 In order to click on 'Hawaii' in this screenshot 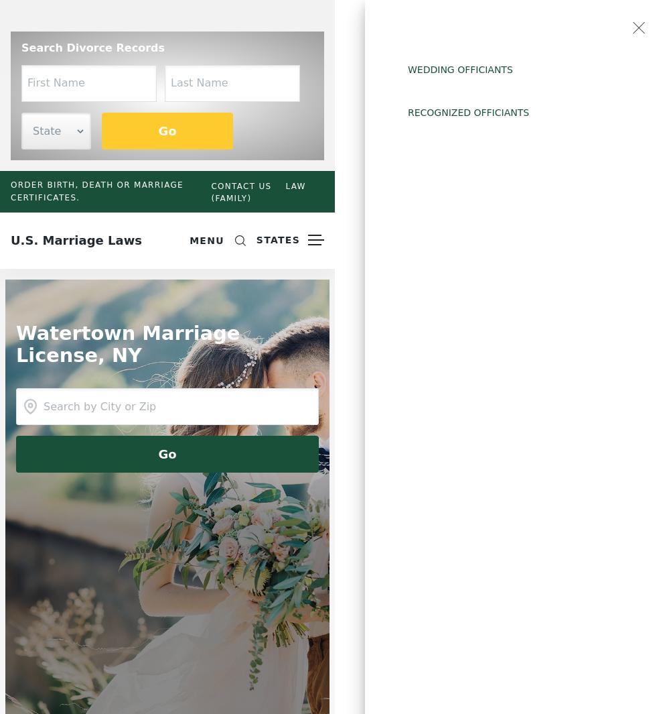, I will do `click(425, 365)`.